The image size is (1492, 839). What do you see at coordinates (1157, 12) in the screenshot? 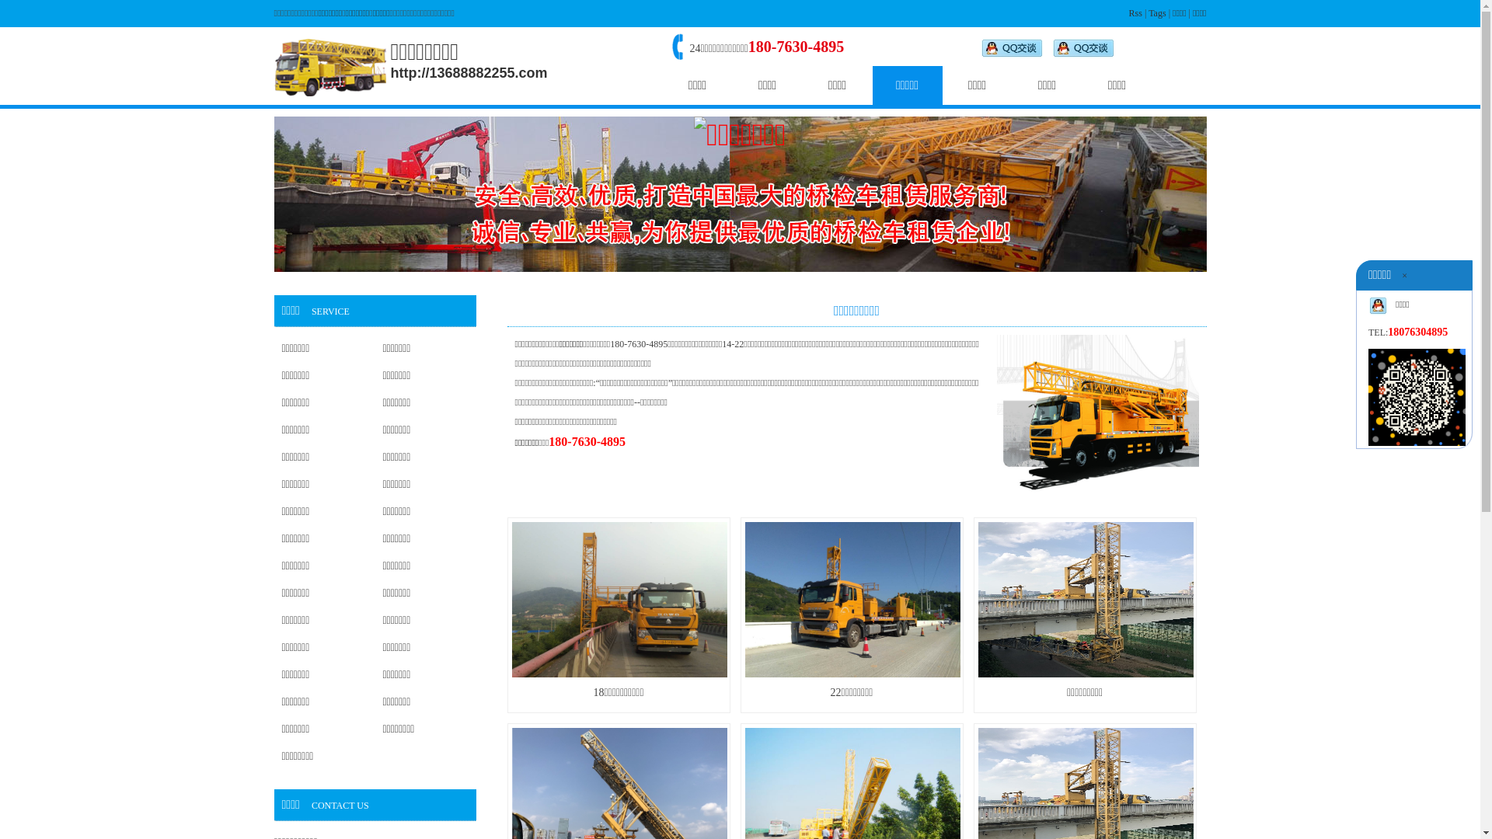
I see `'Tags'` at bounding box center [1157, 12].